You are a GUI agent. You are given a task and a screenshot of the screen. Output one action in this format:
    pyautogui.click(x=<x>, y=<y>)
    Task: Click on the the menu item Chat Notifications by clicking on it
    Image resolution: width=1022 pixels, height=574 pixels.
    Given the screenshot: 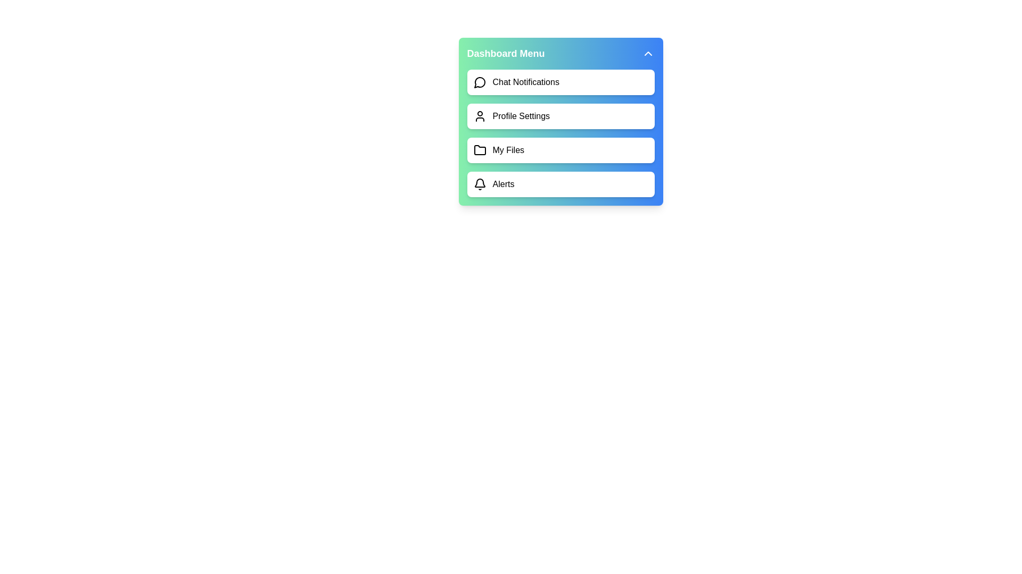 What is the action you would take?
    pyautogui.click(x=560, y=81)
    